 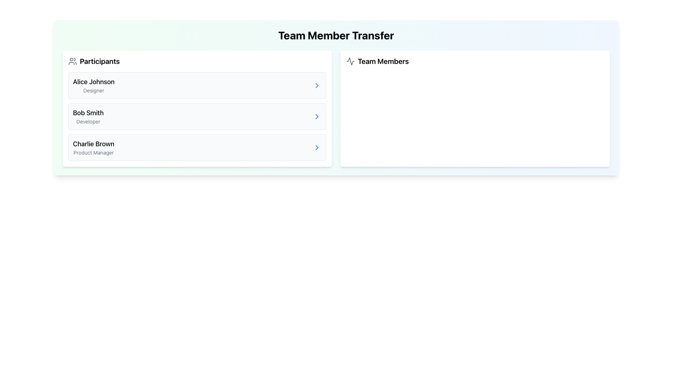 What do you see at coordinates (197, 85) in the screenshot?
I see `the first list item entry for 'Alice Johnson' in the 'Participants' section` at bounding box center [197, 85].